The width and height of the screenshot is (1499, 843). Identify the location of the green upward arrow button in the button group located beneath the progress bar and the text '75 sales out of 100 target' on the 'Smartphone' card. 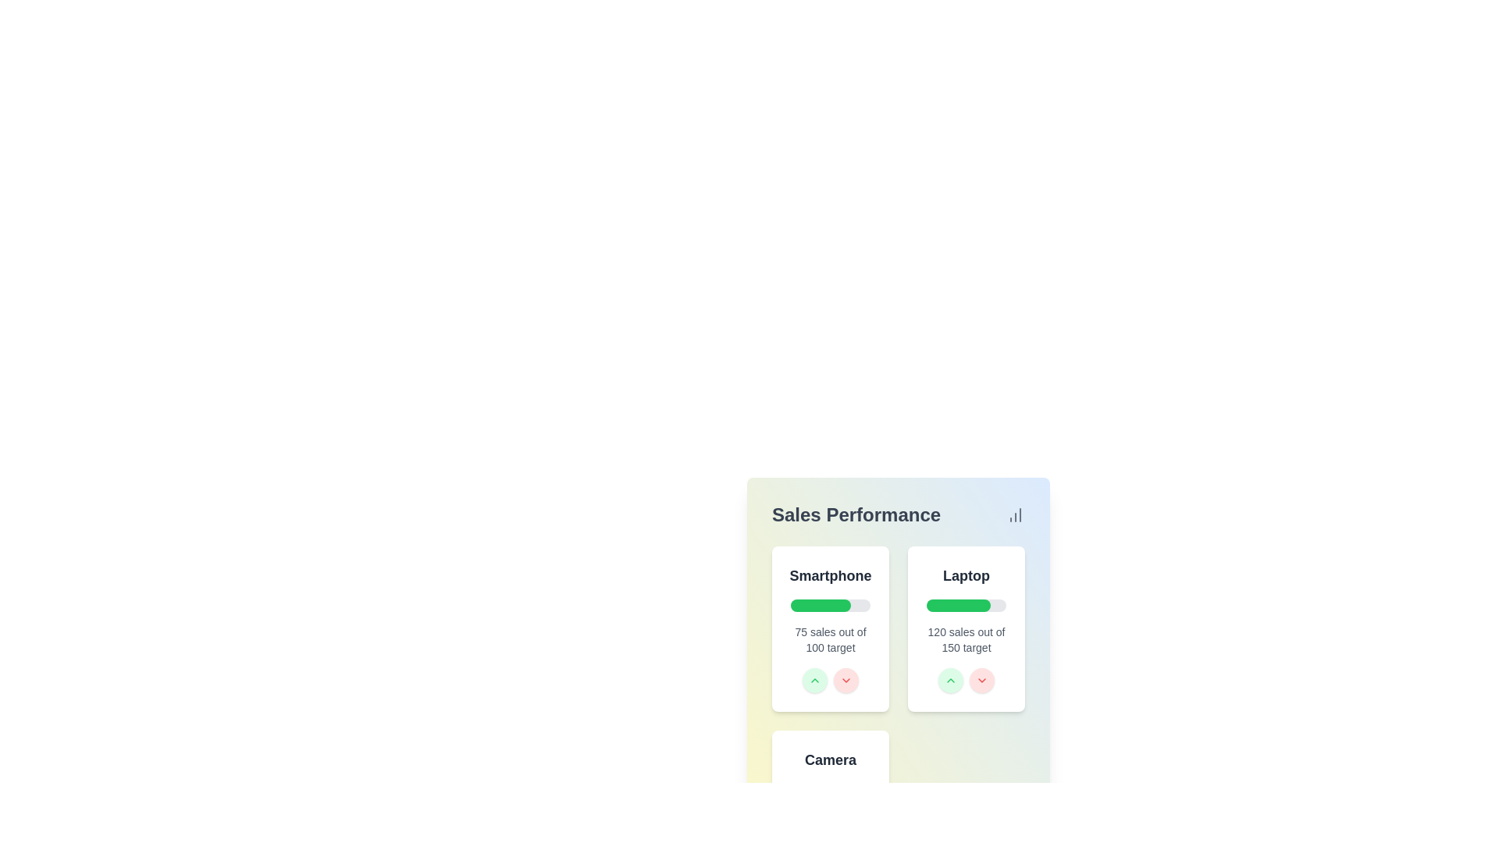
(830, 679).